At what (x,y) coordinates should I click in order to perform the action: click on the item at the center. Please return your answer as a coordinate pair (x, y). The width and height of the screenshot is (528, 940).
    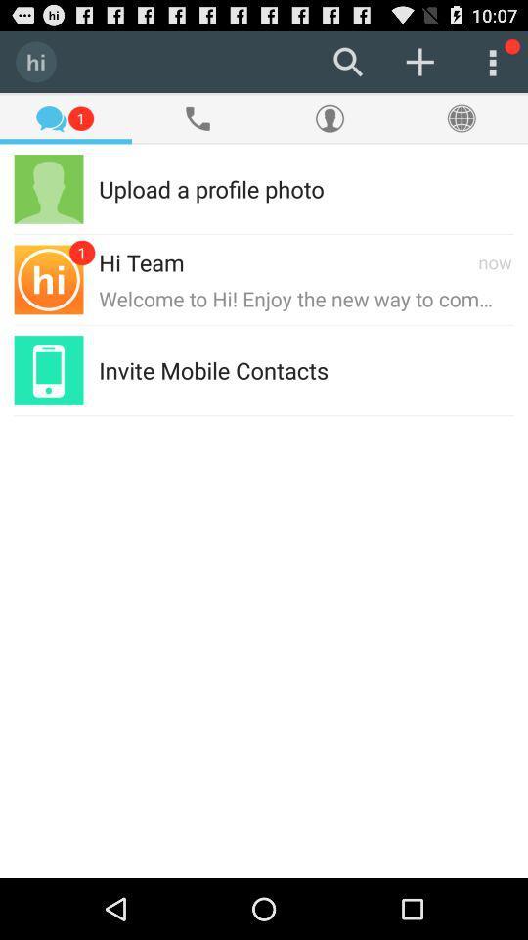
    Looking at the image, I should click on (212, 369).